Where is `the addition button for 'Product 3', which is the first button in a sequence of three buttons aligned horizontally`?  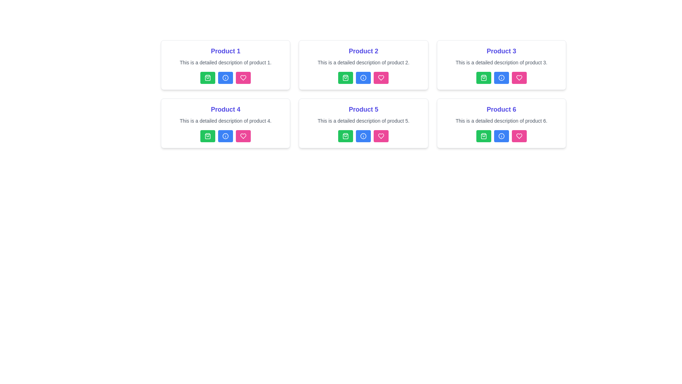
the addition button for 'Product 3', which is the first button in a sequence of three buttons aligned horizontally is located at coordinates (483, 78).